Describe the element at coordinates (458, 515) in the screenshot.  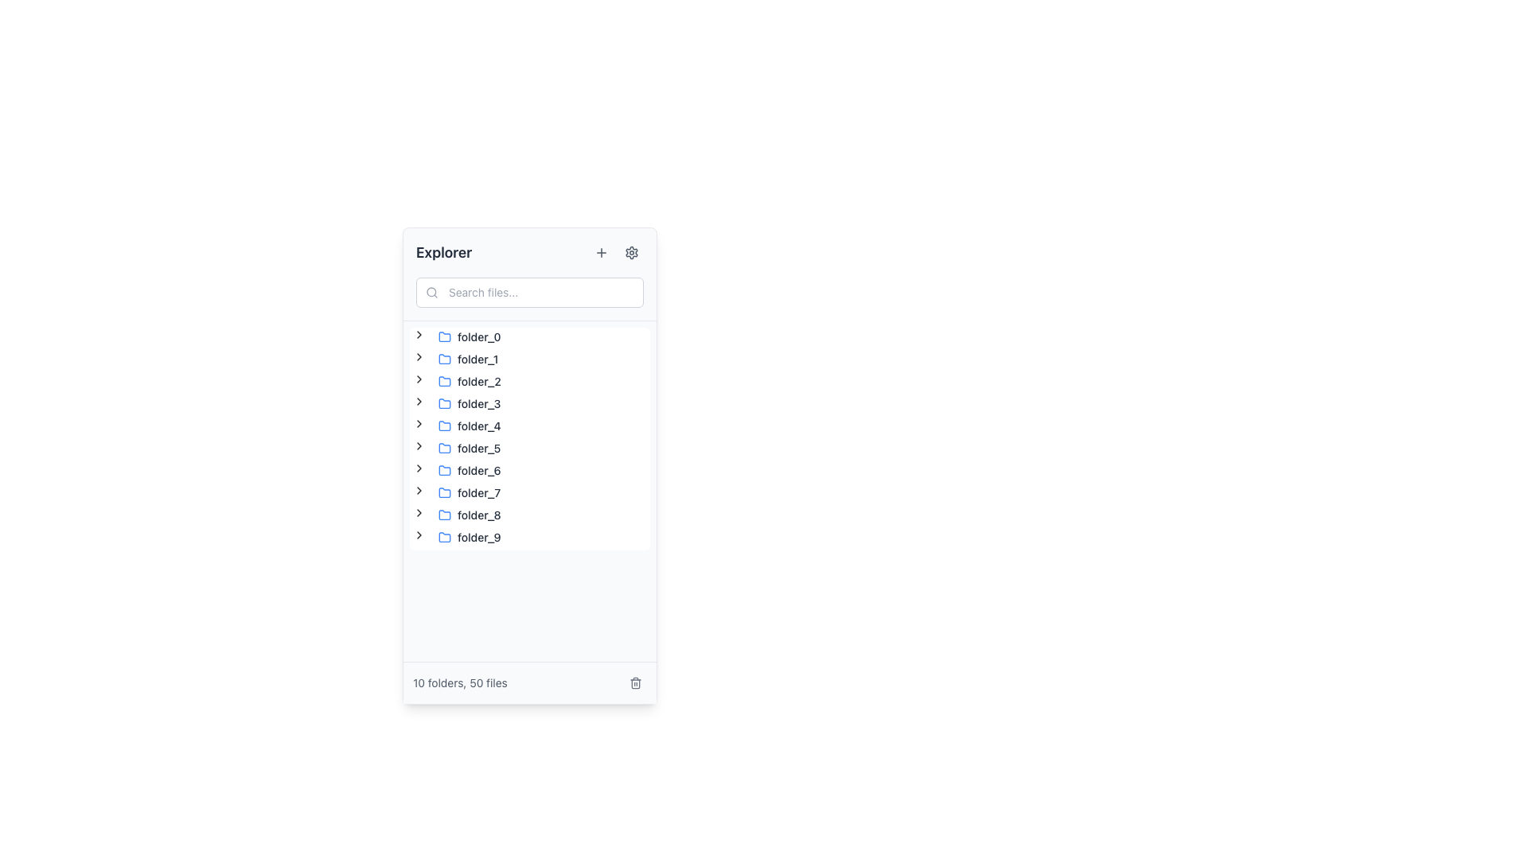
I see `the Tree node representing the folder labeled 'folder_8'` at that location.